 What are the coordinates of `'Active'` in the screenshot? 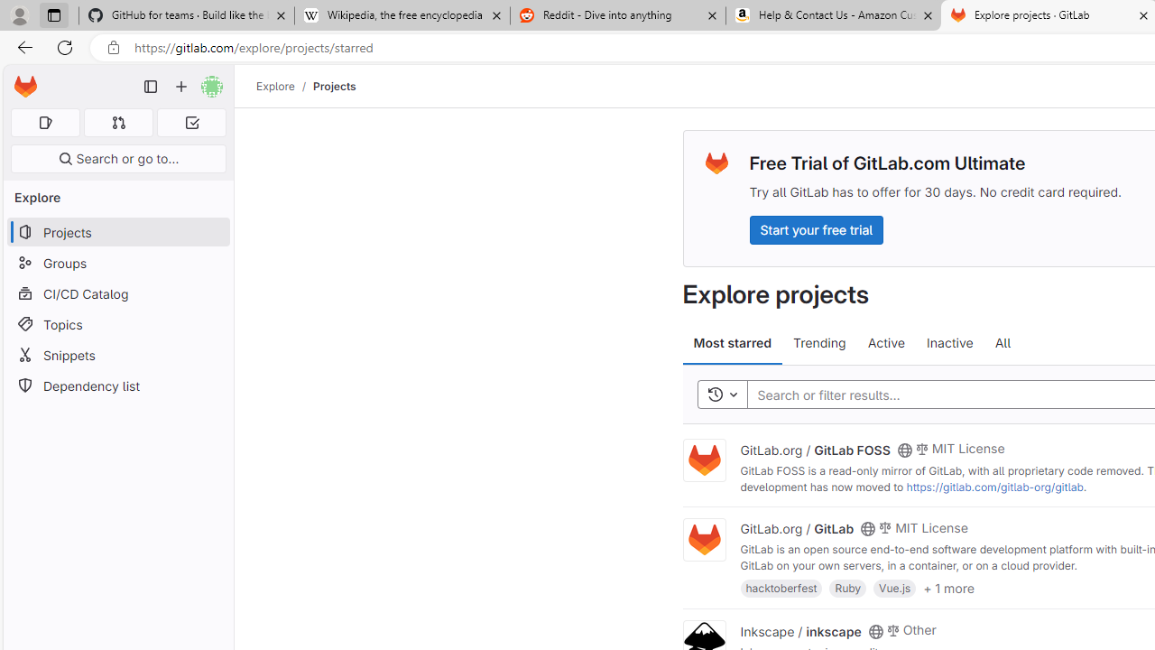 It's located at (886, 343).